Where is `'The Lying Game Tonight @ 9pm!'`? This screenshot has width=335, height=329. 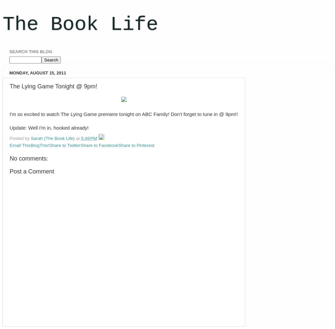
'The Lying Game Tonight @ 9pm!' is located at coordinates (53, 86).